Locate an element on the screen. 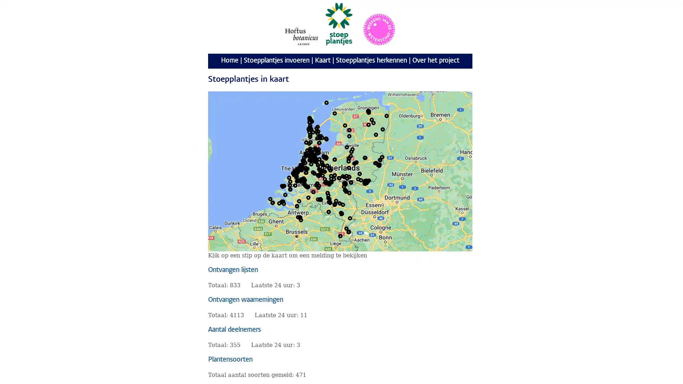 The height and width of the screenshot is (384, 683). Telling van op 10 maart 2022 is located at coordinates (317, 138).